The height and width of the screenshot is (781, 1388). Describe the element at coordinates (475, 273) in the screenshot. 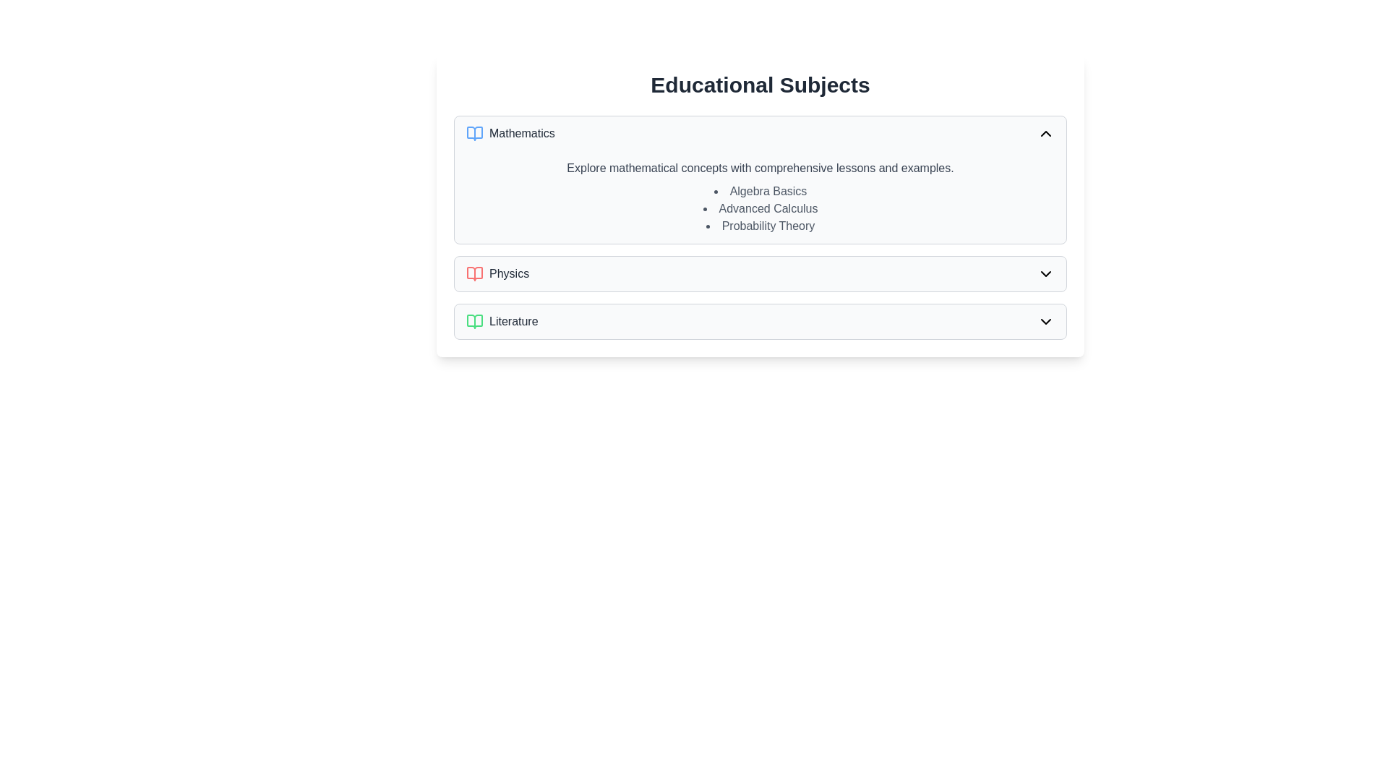

I see `the lower part of the red book icon located next to the 'Physics' label in the educational subjects list` at that location.